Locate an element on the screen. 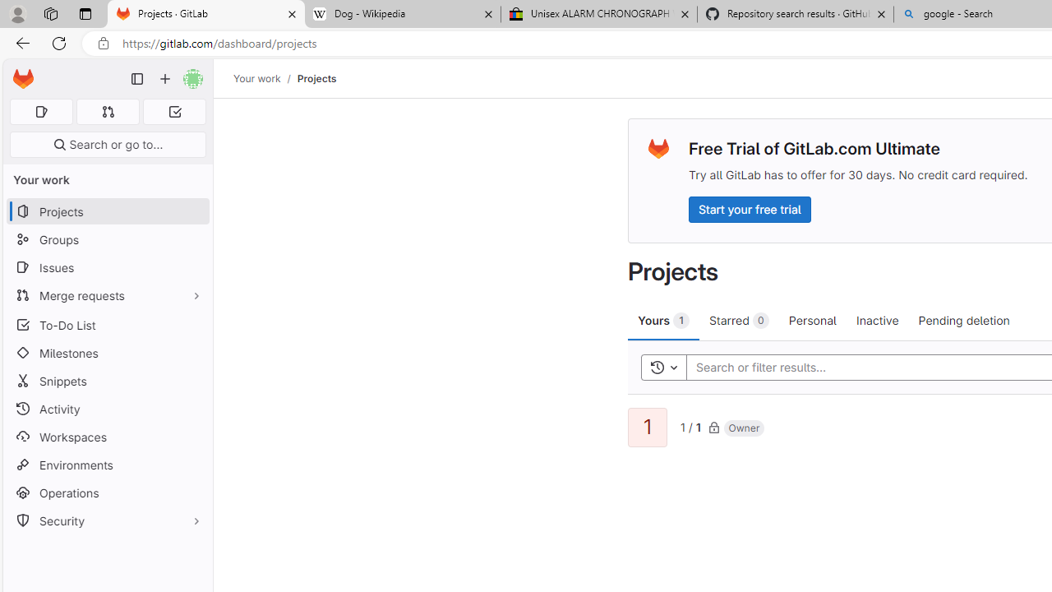 The height and width of the screenshot is (592, 1052). 'Skip to main content' is located at coordinates (19, 71).